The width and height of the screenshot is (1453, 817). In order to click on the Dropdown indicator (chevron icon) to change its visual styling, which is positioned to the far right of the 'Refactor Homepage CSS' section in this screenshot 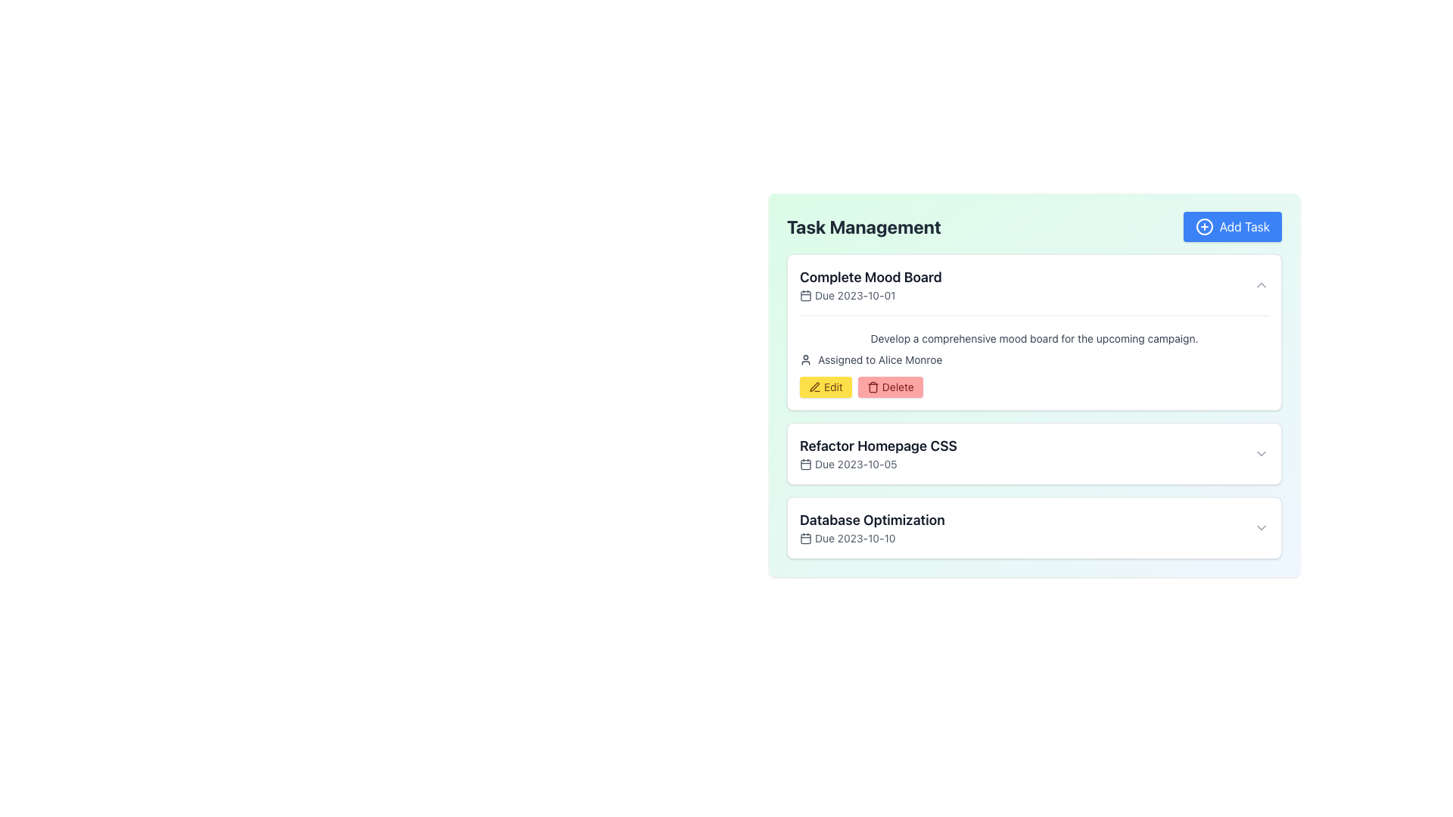, I will do `click(1261, 453)`.